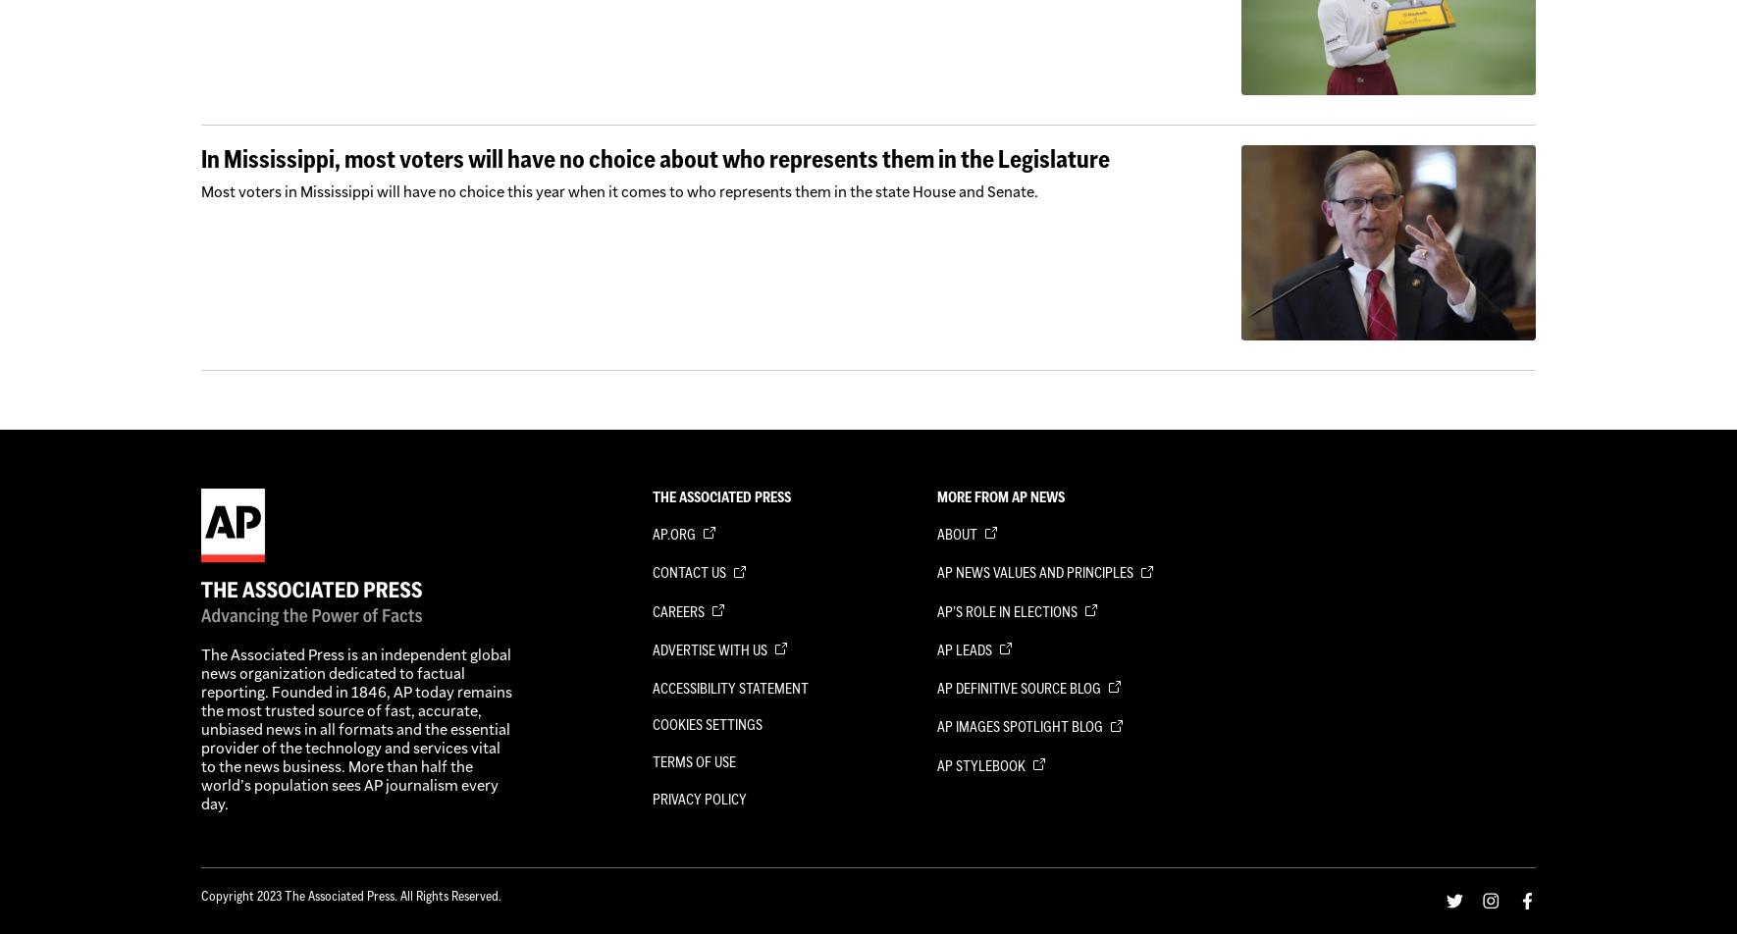  Describe the element at coordinates (965, 649) in the screenshot. I see `'AP Leads'` at that location.